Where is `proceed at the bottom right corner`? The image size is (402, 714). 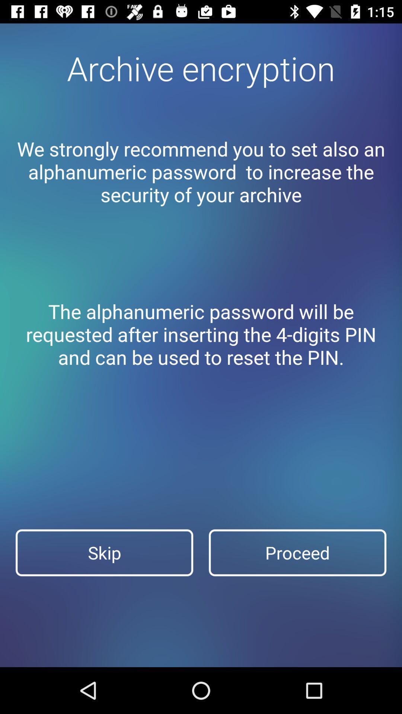 proceed at the bottom right corner is located at coordinates (297, 553).